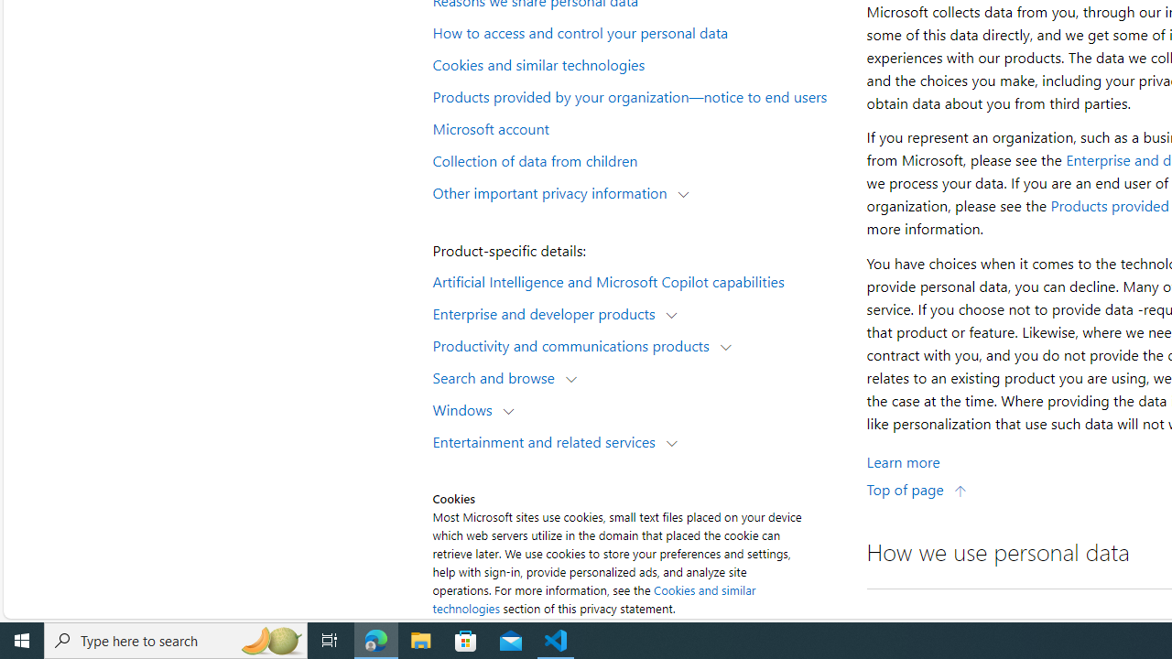 The width and height of the screenshot is (1172, 659). What do you see at coordinates (917, 488) in the screenshot?
I see `'Top of page'` at bounding box center [917, 488].